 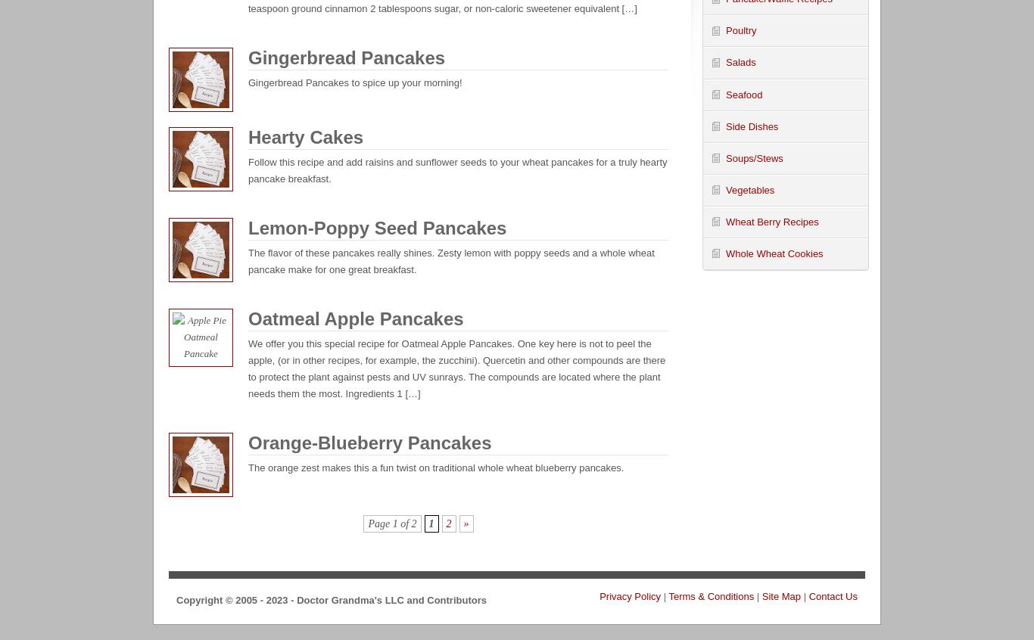 What do you see at coordinates (600, 595) in the screenshot?
I see `'Privacy Policy'` at bounding box center [600, 595].